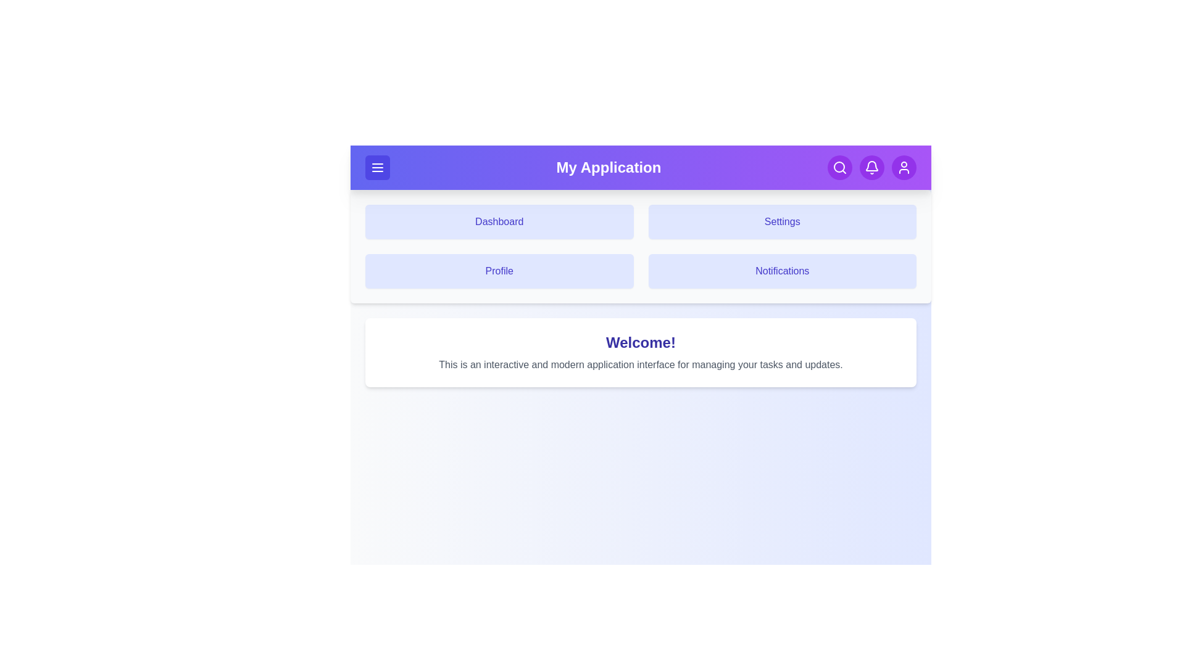  I want to click on the navigation tile corresponding to Profile to navigate to that section, so click(499, 270).